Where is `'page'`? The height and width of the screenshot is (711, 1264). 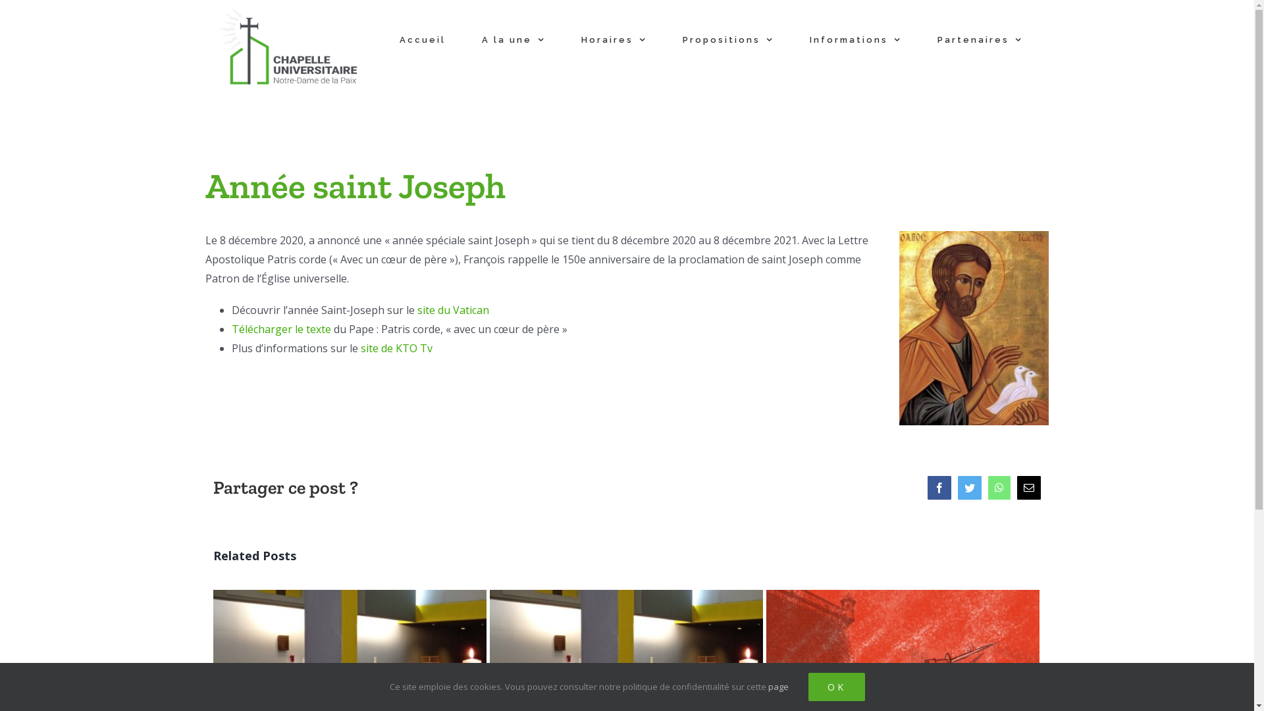 'page' is located at coordinates (777, 685).